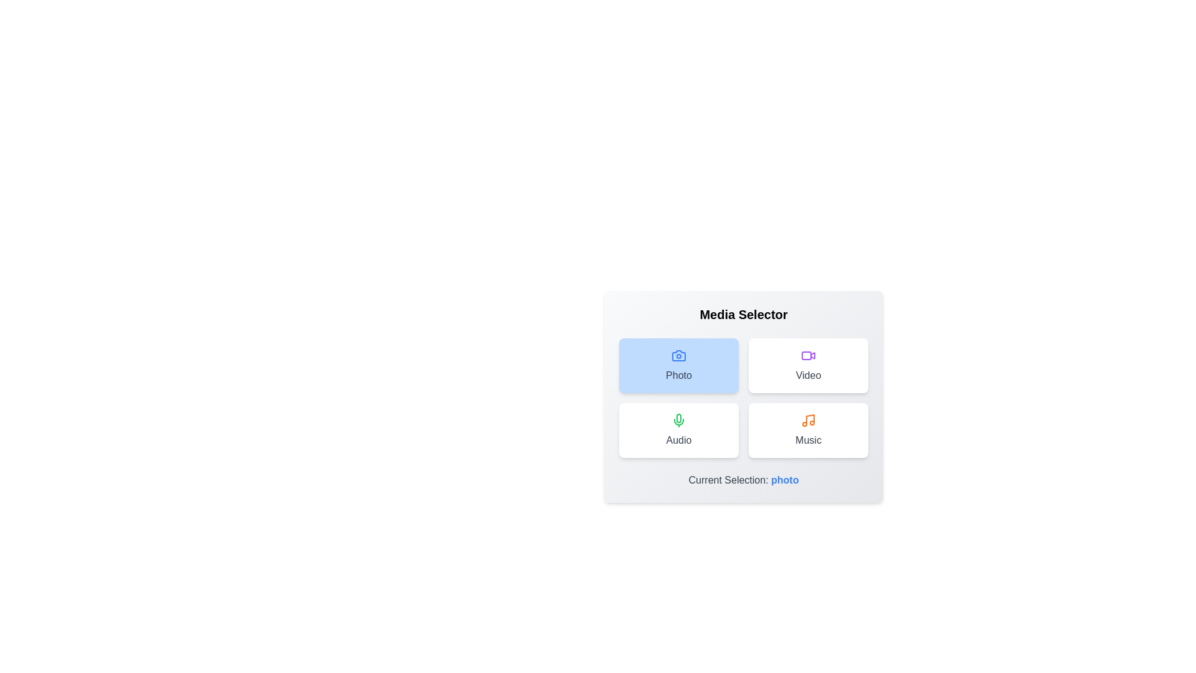 The height and width of the screenshot is (673, 1196). Describe the element at coordinates (678, 365) in the screenshot. I see `the media option buttons to see the hover effect for Photo` at that location.